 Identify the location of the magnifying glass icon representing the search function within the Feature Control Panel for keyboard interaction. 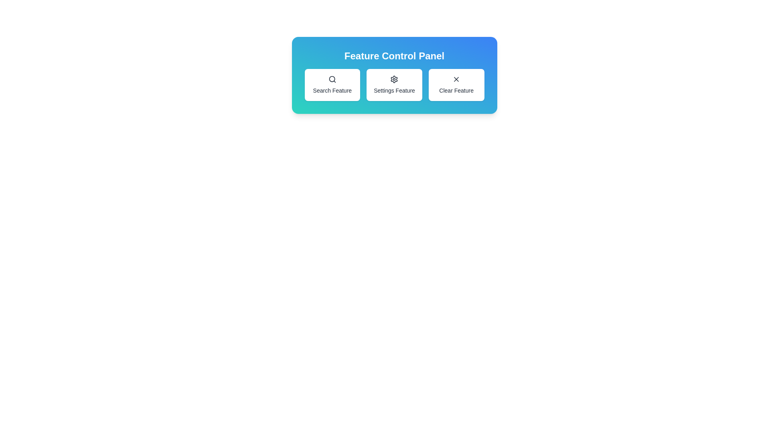
(332, 79).